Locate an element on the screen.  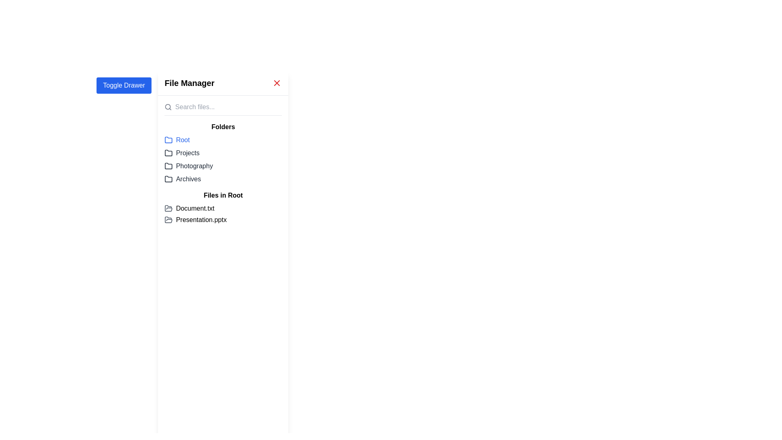
the 'Root' folder item located in the 'Folders' section of the 'File Manager' panel is located at coordinates (223, 139).